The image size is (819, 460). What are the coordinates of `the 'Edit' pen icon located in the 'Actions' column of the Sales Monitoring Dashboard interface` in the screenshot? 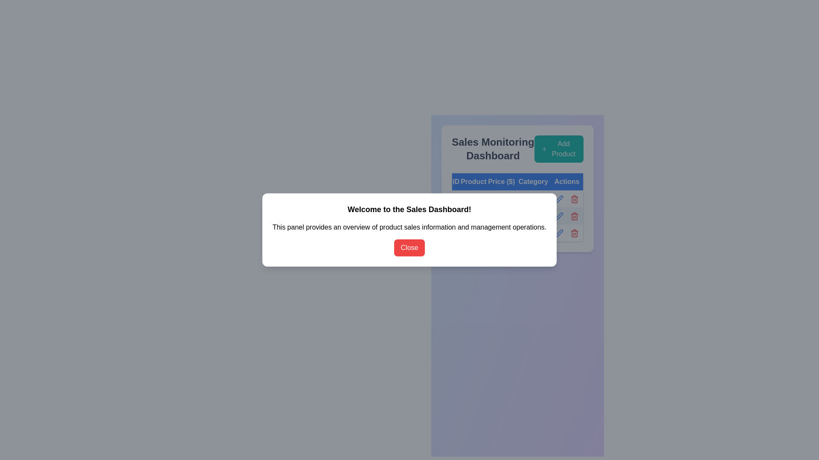 It's located at (559, 199).